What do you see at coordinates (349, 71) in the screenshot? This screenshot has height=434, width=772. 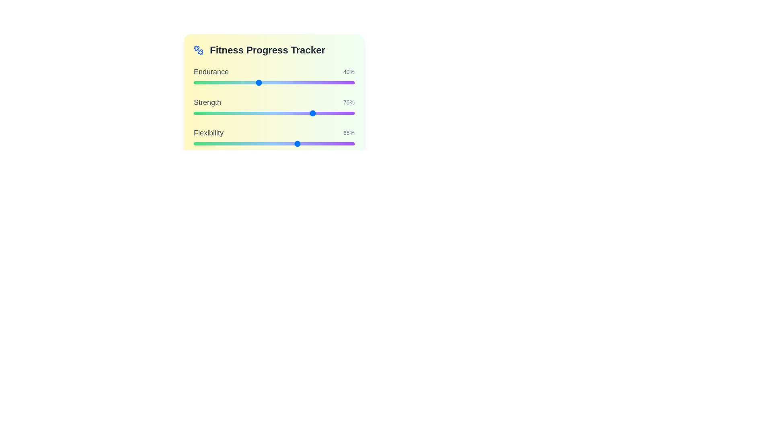 I see `text content displaying '40%' which is styled in a small muted gray font, positioned to the right of the 'Endurance' text and following a progress bar layout` at bounding box center [349, 71].